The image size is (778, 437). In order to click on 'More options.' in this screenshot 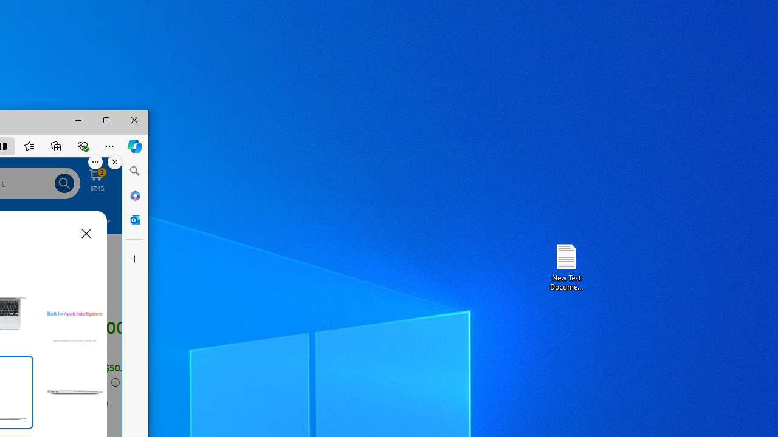, I will do `click(94, 161)`.